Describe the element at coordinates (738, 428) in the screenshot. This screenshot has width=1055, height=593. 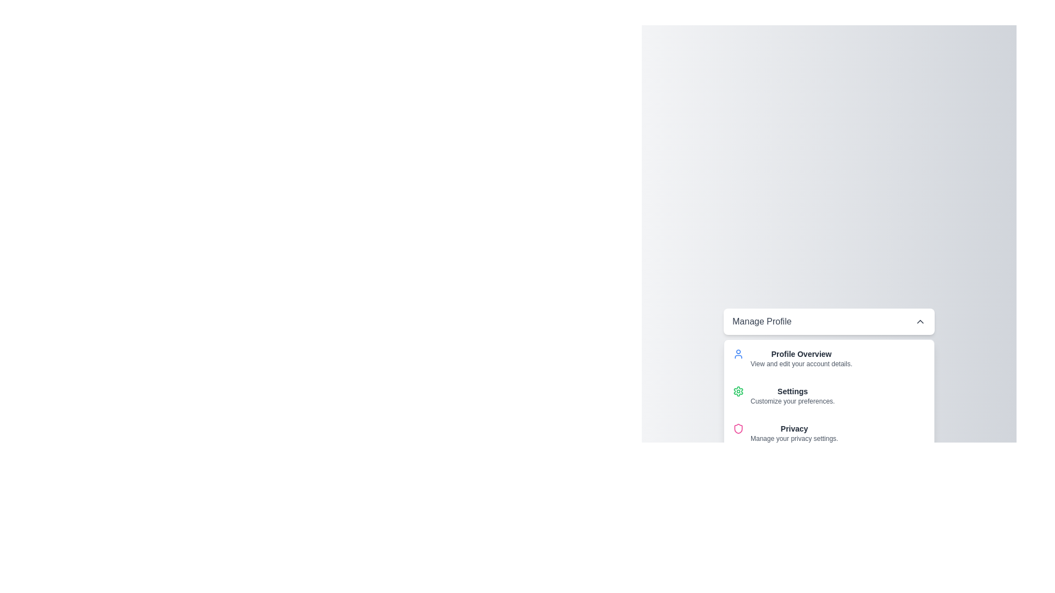
I see `the shield icon with pink edges and a hollow center located to the left of the 'Privacy' text in the 'Privacy' section under the 'Manage Profile' dropdown` at that location.